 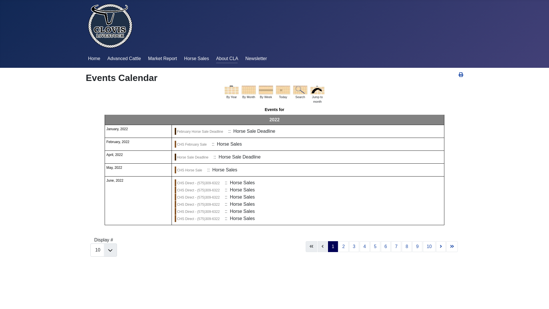 What do you see at coordinates (266, 90) in the screenshot?
I see `'By Week'` at bounding box center [266, 90].